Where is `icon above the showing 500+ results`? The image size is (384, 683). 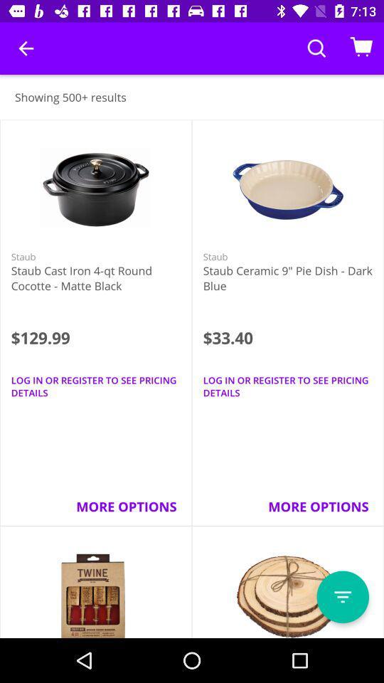
icon above the showing 500+ results is located at coordinates (26, 48).